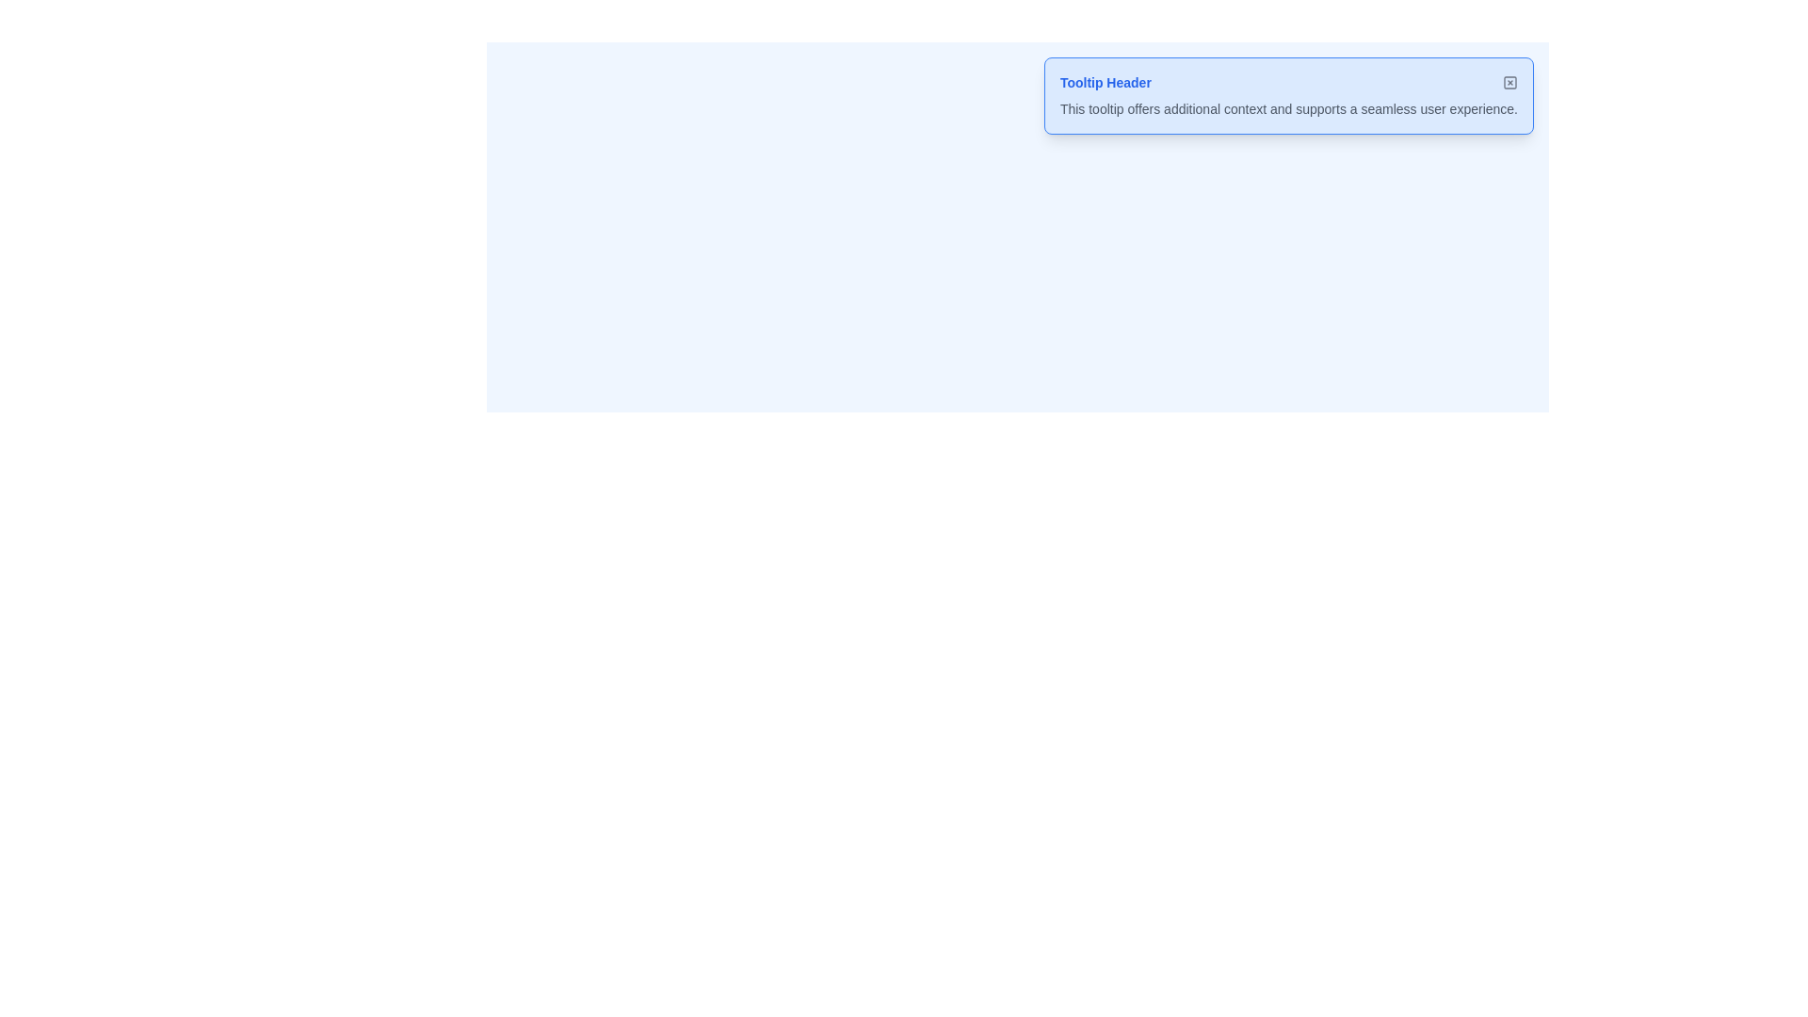  Describe the element at coordinates (1509, 82) in the screenshot. I see `the small interactive 'X' icon button located at the top-right corner of the header area labeled 'Tooltip Header' to observe a color change` at that location.